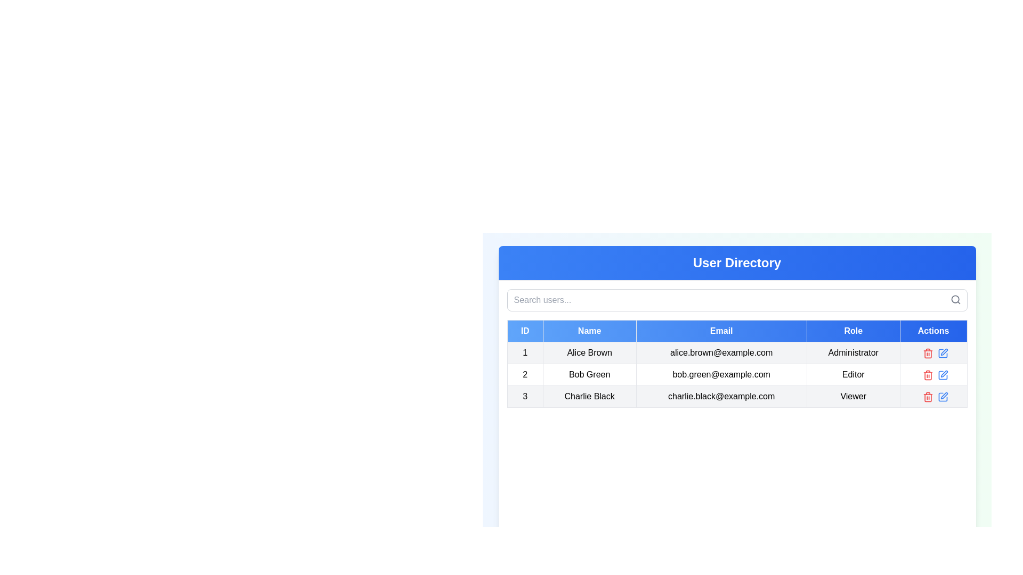 The width and height of the screenshot is (1023, 575). I want to click on the fourth header in the user details table, which indicates user roles and is positioned between 'Email' and 'Actions' in the blue gradient title bar, so click(853, 330).